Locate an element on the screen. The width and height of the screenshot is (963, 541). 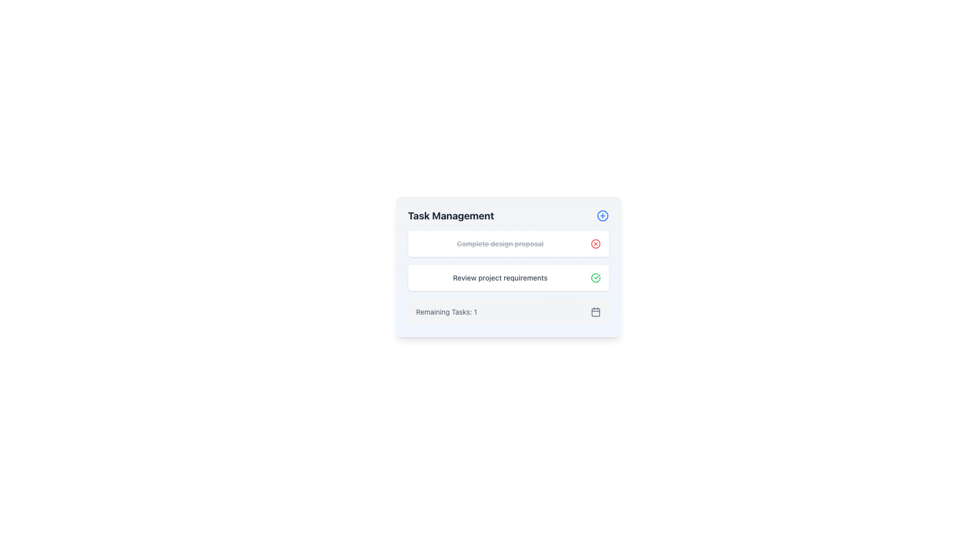
the interactive list item representing the task 'Review project requirements' is located at coordinates (508, 278).